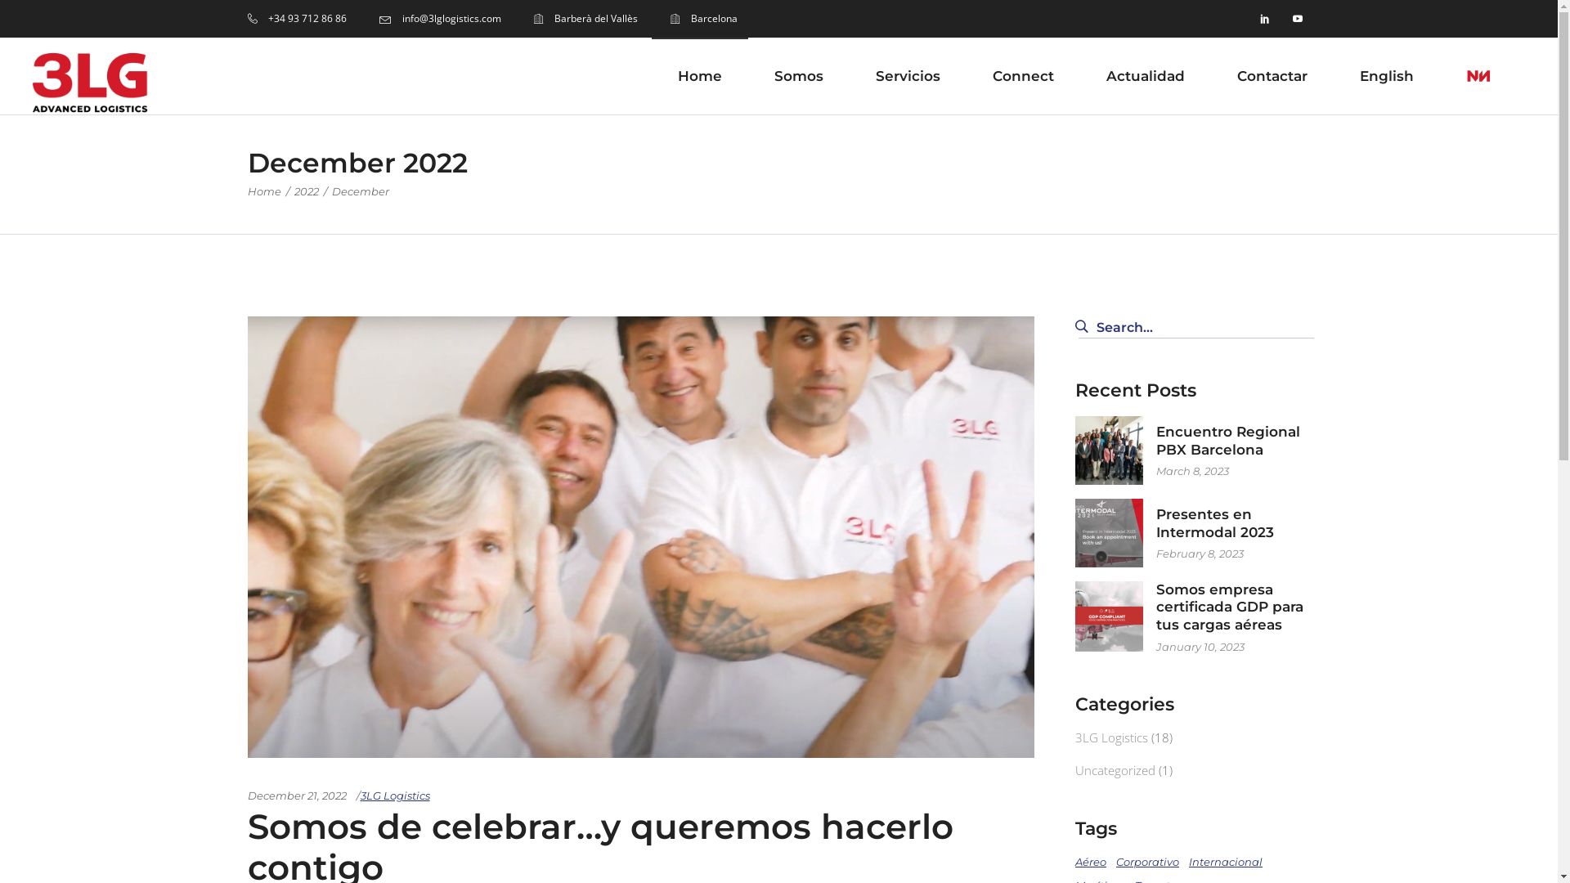  What do you see at coordinates (650, 76) in the screenshot?
I see `'Home'` at bounding box center [650, 76].